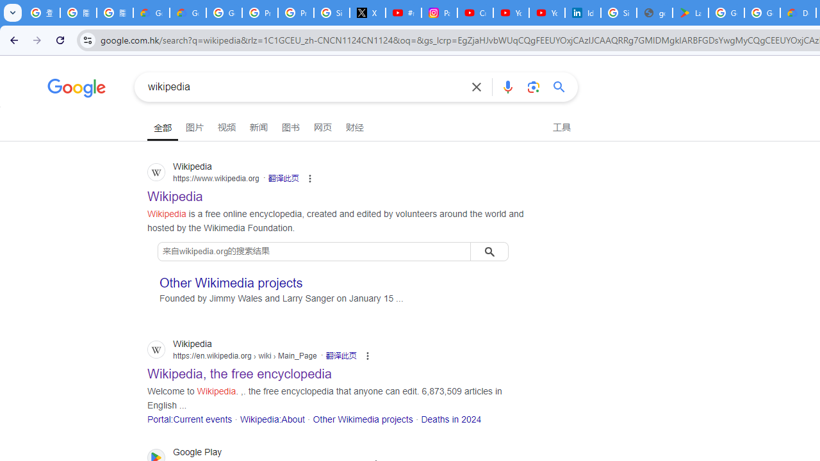  What do you see at coordinates (402, 13) in the screenshot?
I see `'#nbabasketballhighlights - YouTube'` at bounding box center [402, 13].